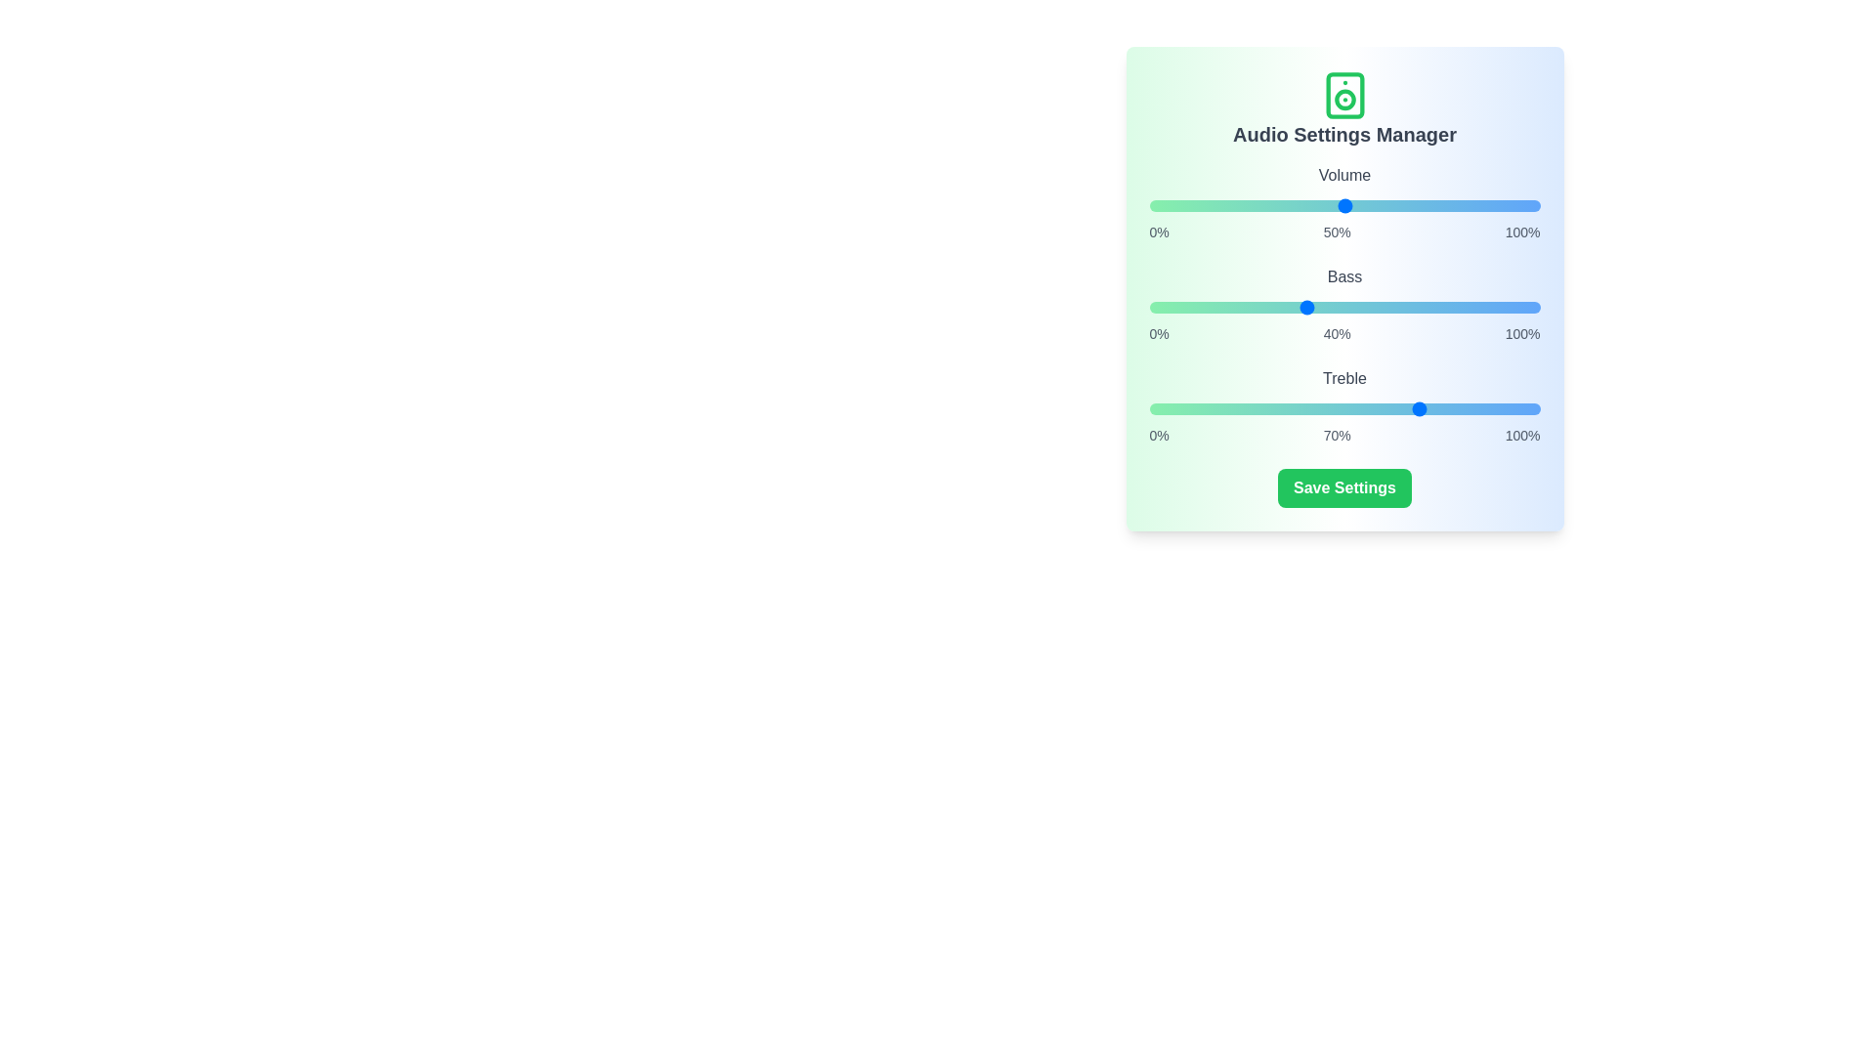  What do you see at coordinates (1446, 408) in the screenshot?
I see `the treble slider to 76%` at bounding box center [1446, 408].